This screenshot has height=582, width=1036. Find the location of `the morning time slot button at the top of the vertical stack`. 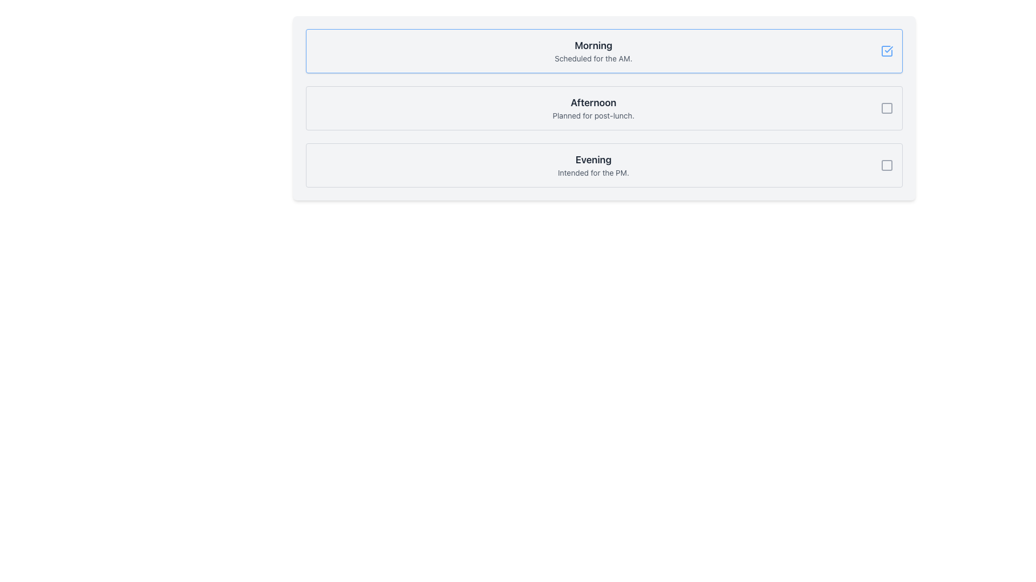

the morning time slot button at the top of the vertical stack is located at coordinates (603, 51).